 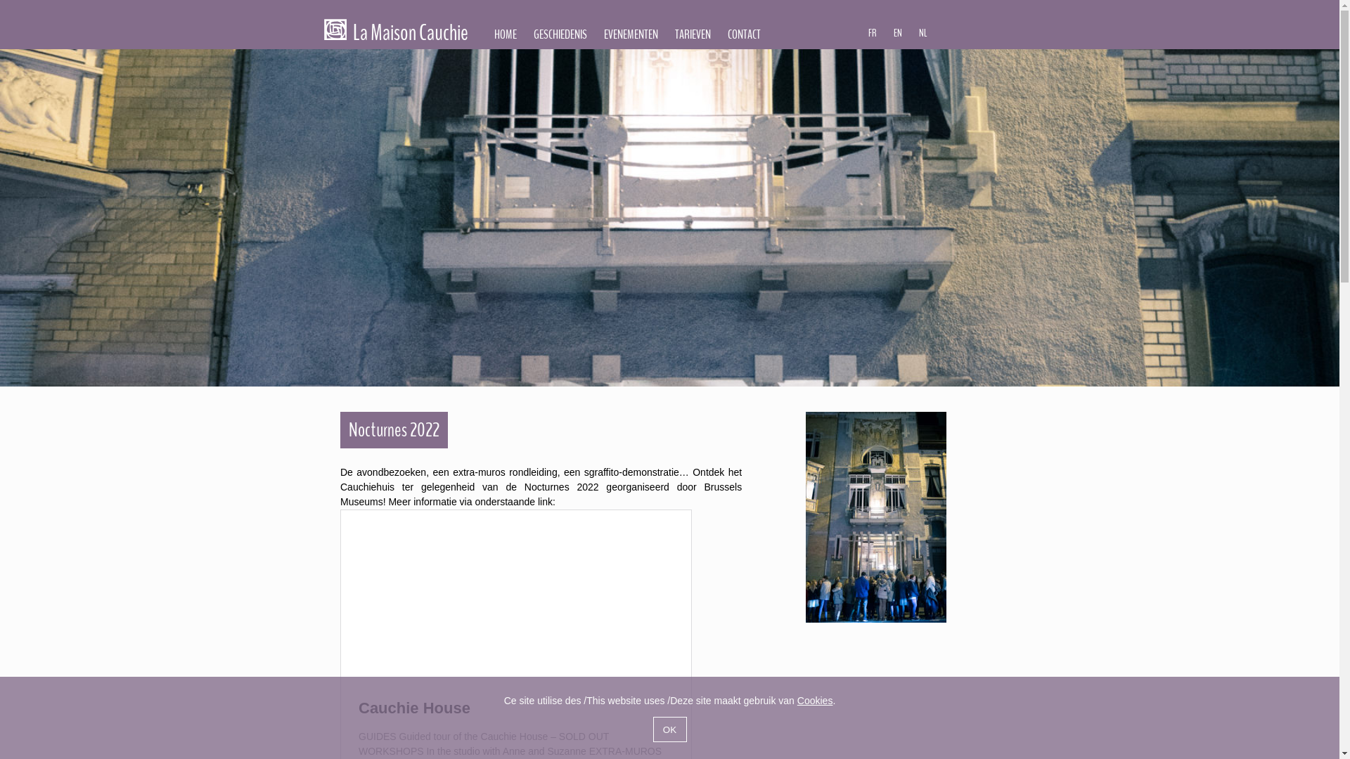 What do you see at coordinates (595, 34) in the screenshot?
I see `'EVENEMENTEN'` at bounding box center [595, 34].